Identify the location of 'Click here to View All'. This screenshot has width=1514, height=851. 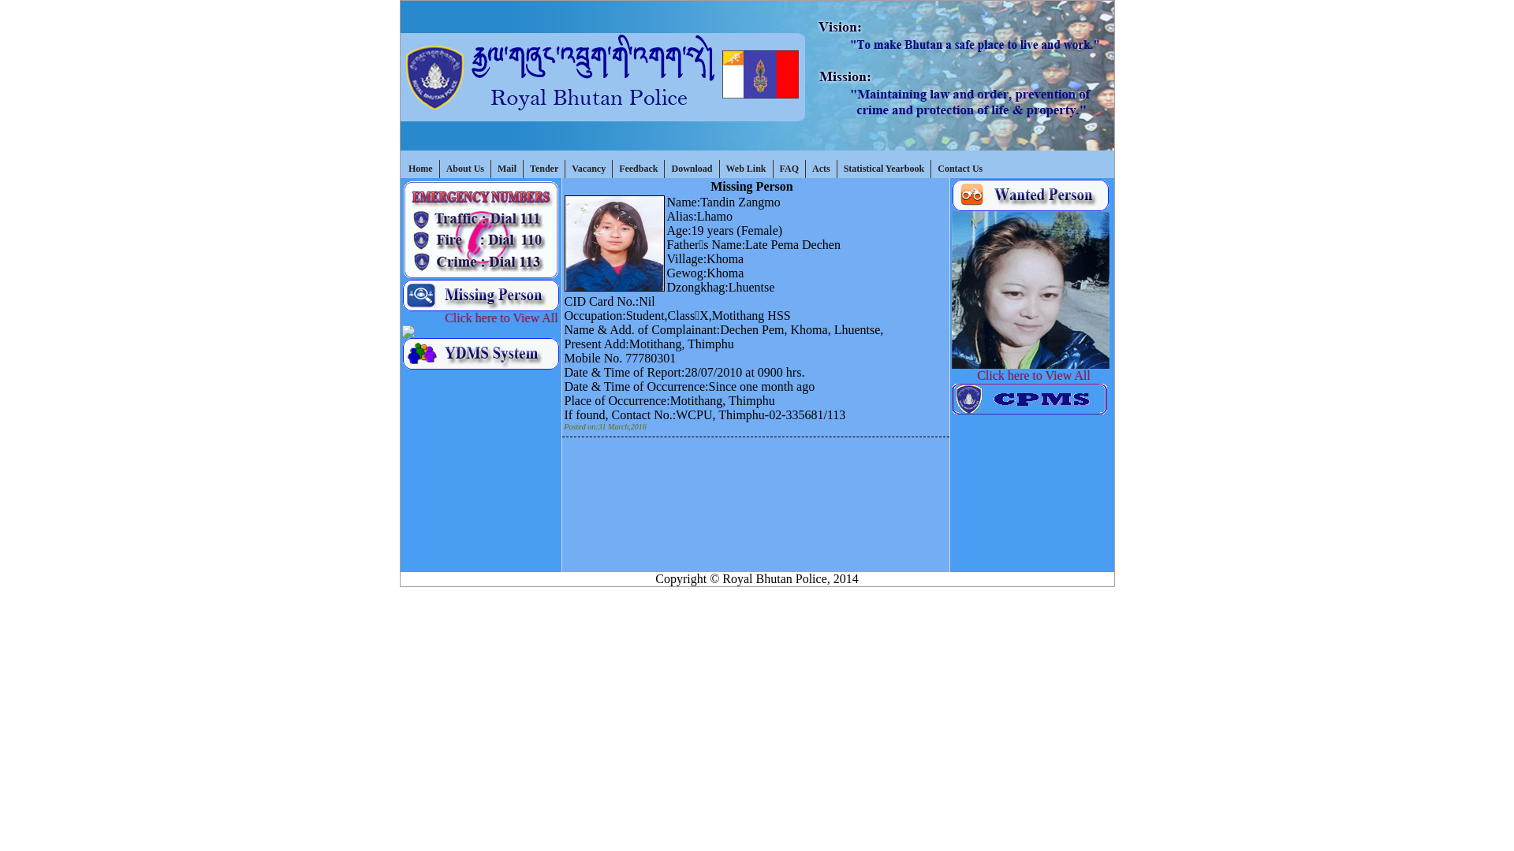
(434, 318).